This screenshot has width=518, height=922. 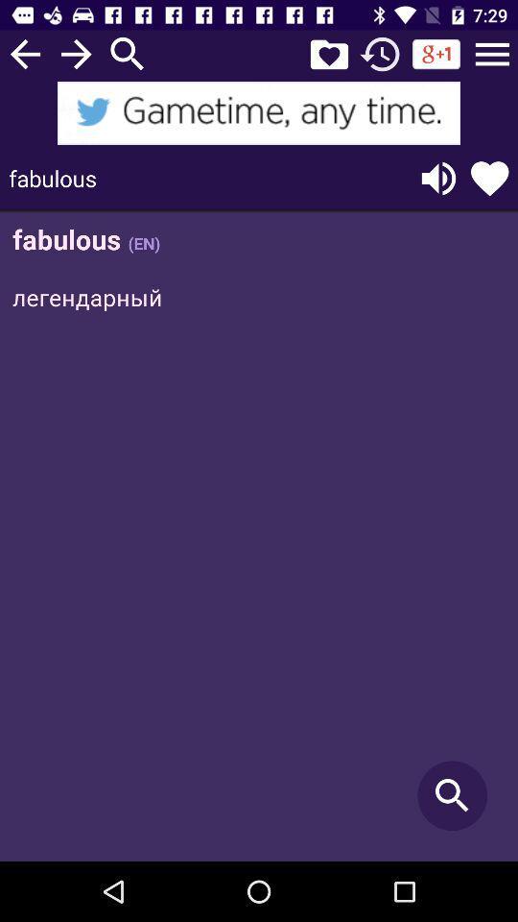 I want to click on next, so click(x=75, y=53).